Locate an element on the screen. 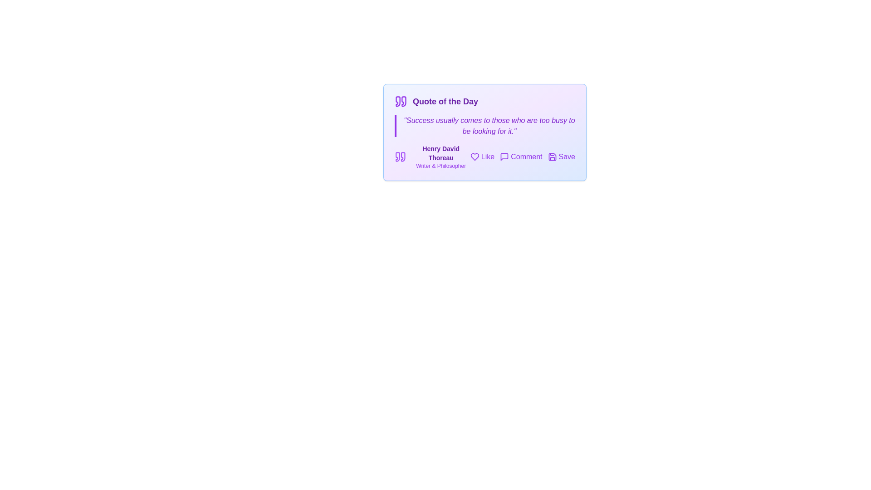  the message bubble icon, which is a simple, minimalistic speech bubble located in the lower row of interactive options is located at coordinates (504, 157).